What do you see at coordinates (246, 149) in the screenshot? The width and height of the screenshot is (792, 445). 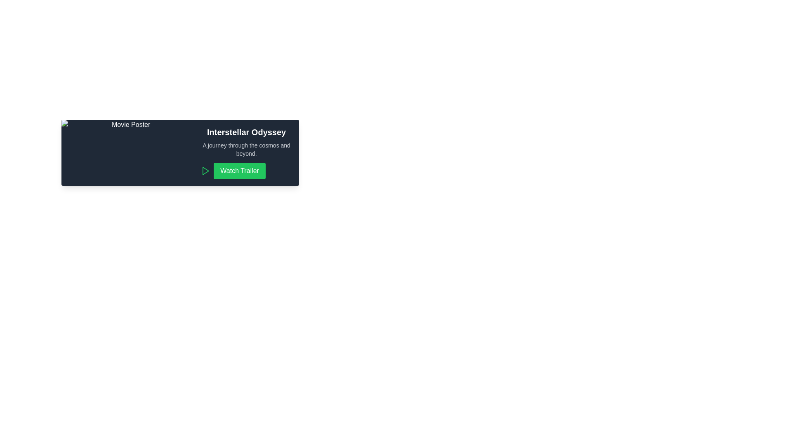 I see `the textual description displayed in a smaller, lighter-colored font beneath the main title 'Interstellar Odyssey', which provides an engaging summary or tagline` at bounding box center [246, 149].